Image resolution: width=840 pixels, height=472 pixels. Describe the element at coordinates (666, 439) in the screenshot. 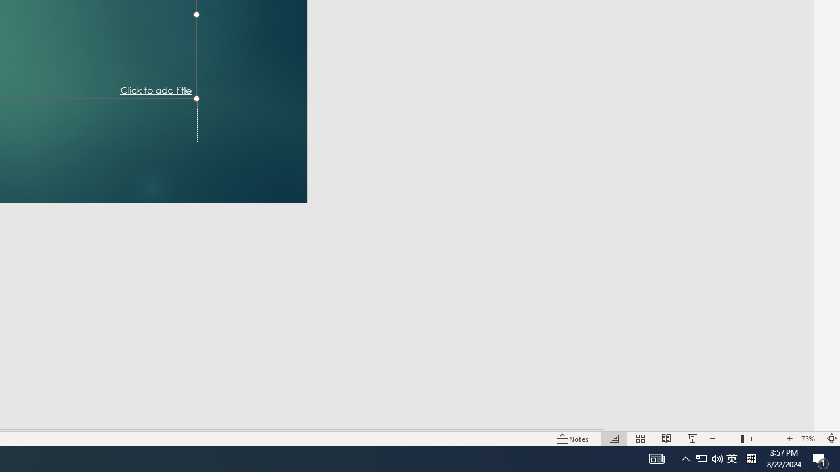

I see `'Reading View'` at that location.